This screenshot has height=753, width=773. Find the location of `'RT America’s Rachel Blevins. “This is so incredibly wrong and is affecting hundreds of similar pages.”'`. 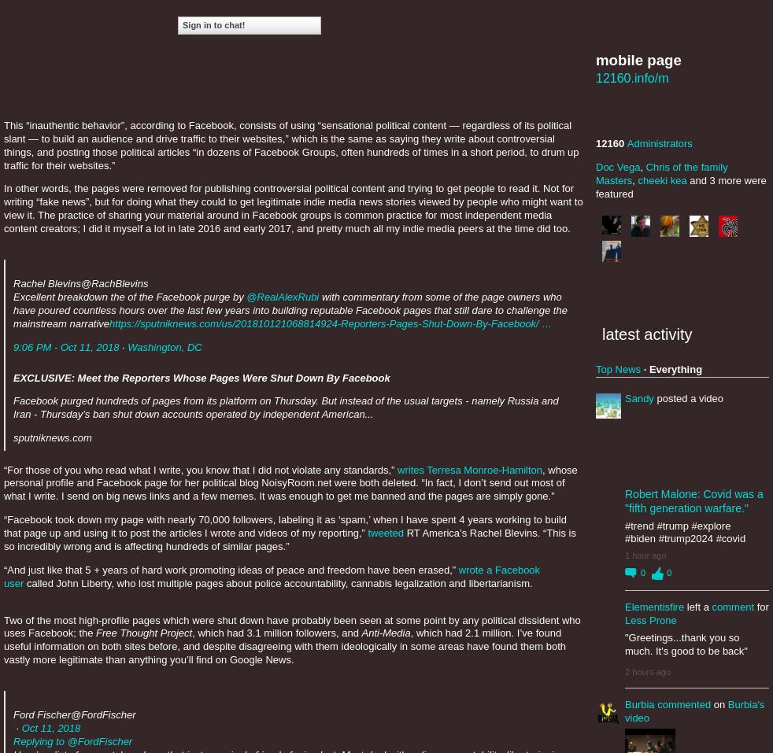

'RT America’s Rachel Blevins. “This is so incredibly wrong and is affecting hundreds of similar pages.”' is located at coordinates (289, 539).